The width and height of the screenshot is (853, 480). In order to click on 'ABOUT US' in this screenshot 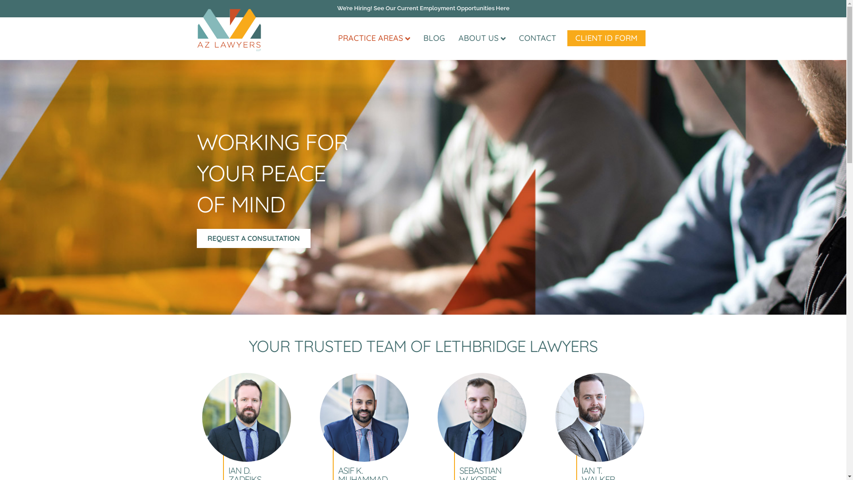, I will do `click(481, 38)`.